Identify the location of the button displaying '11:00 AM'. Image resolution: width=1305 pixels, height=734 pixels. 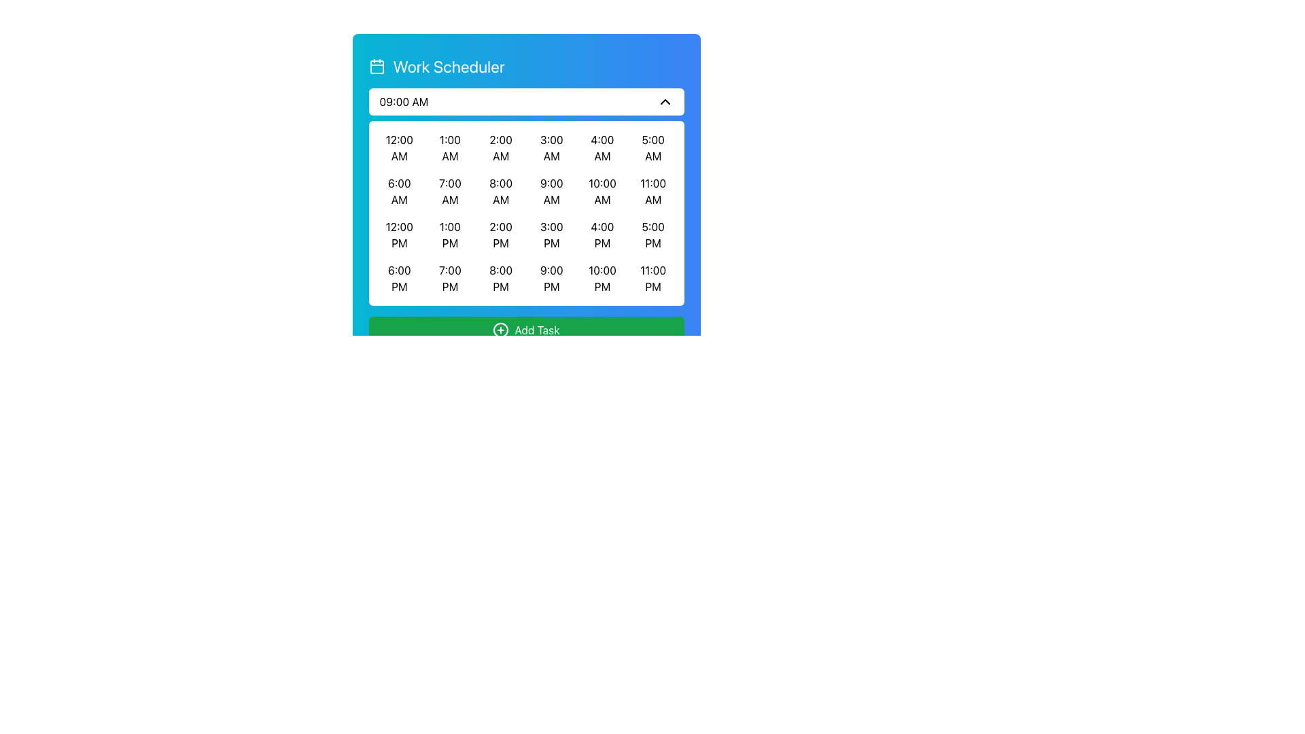
(653, 191).